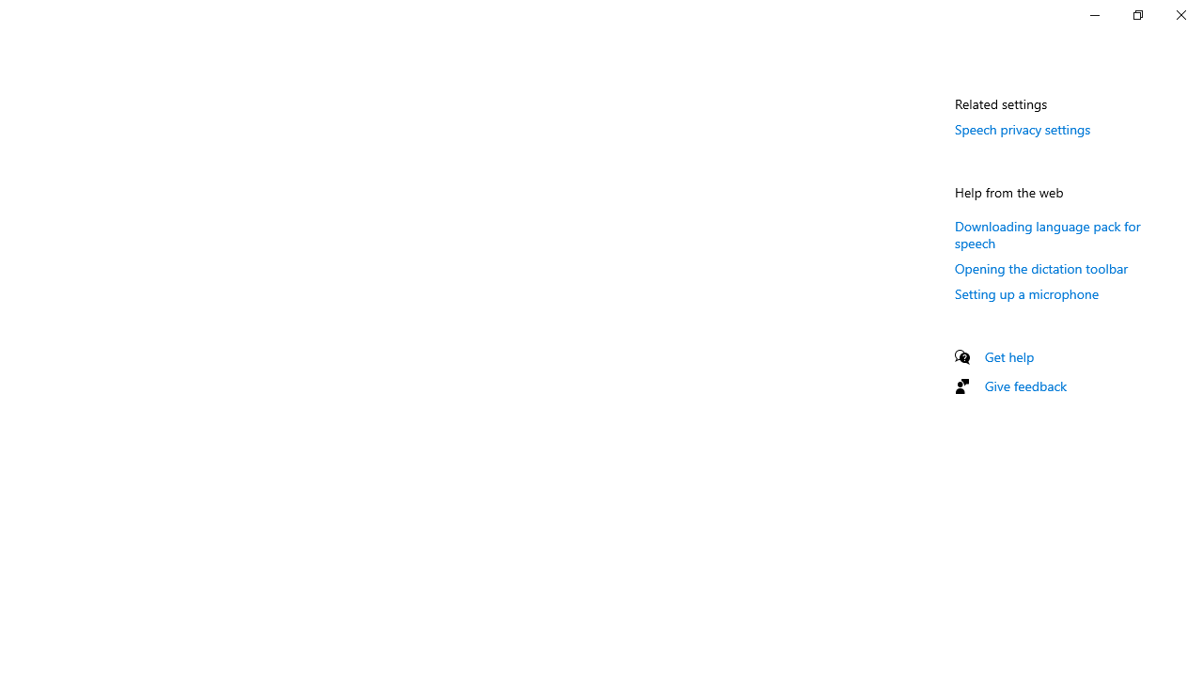  I want to click on 'Close Settings', so click(1180, 14).